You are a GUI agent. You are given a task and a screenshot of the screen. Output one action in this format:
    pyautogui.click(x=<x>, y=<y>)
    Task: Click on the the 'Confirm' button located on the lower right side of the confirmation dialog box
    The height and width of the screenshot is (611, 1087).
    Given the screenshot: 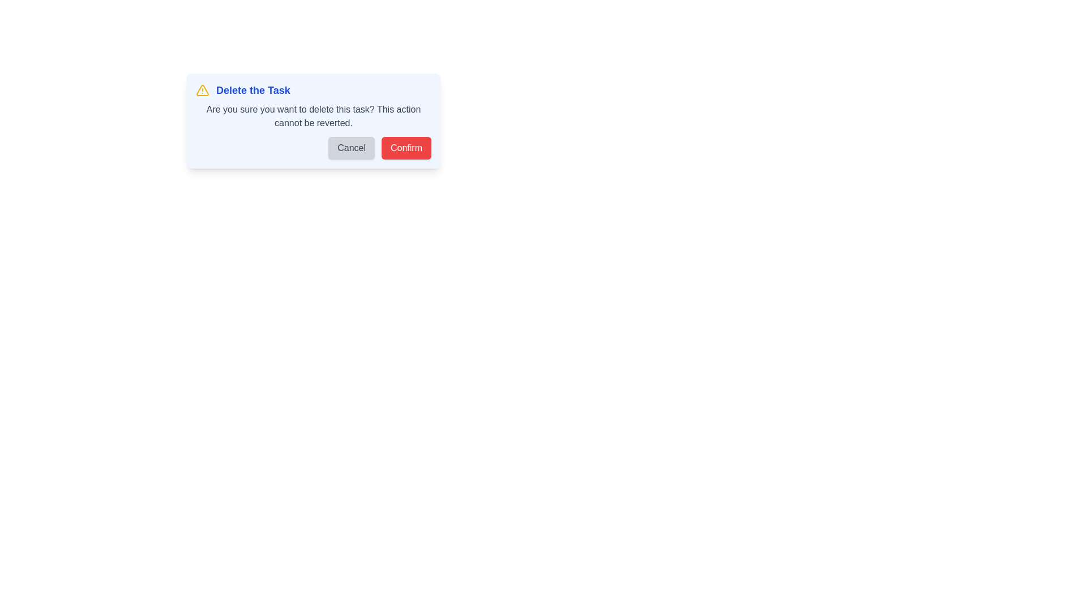 What is the action you would take?
    pyautogui.click(x=406, y=148)
    